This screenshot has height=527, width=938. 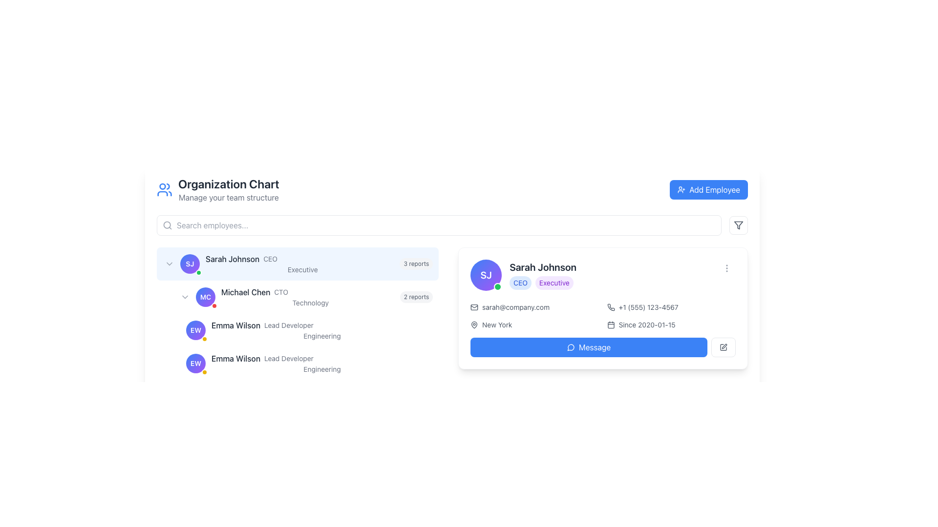 I want to click on the phone number text '+1 (555) 123-4567' located in the right section of the profile card, below the email field and above the 'Since' field, adjacent to a phone icon, so click(x=671, y=306).